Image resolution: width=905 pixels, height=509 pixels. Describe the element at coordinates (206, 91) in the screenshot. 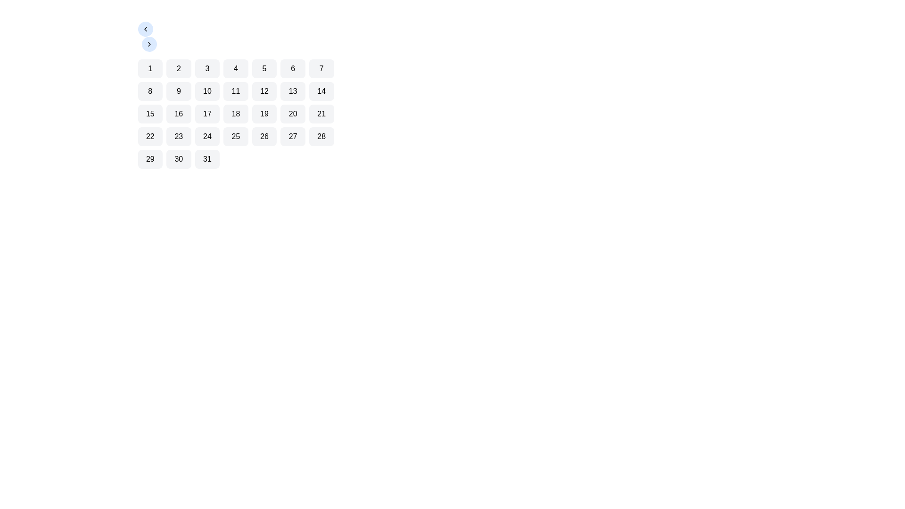

I see `the selectable box in the second row and third column of the grid` at that location.